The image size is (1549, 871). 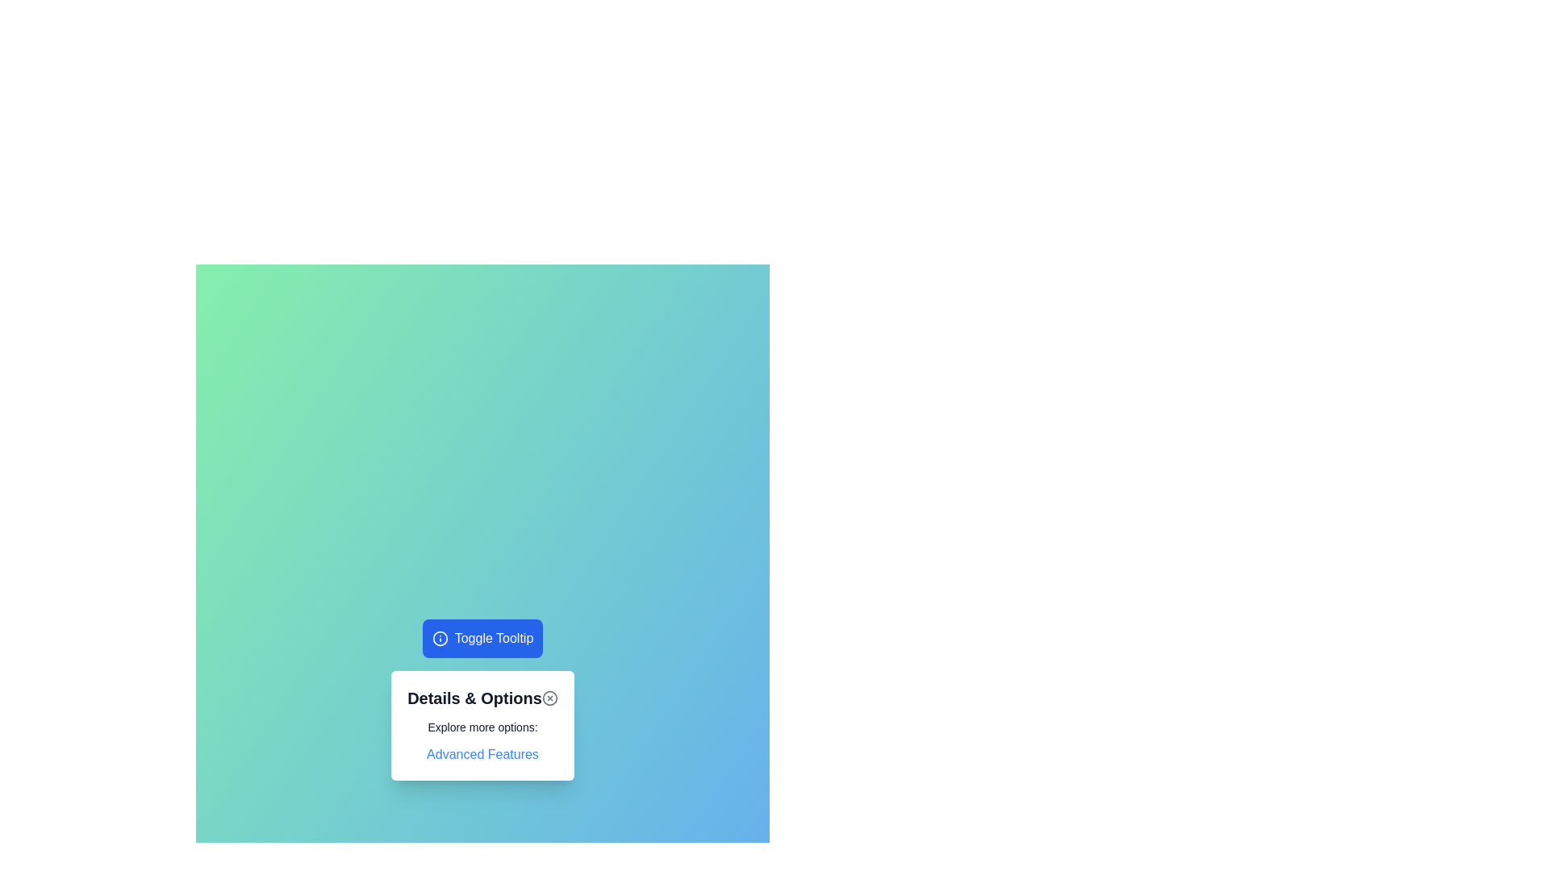 What do you see at coordinates (549, 698) in the screenshot?
I see `the dismiss or close icon button located next to the 'Details & Options' text` at bounding box center [549, 698].